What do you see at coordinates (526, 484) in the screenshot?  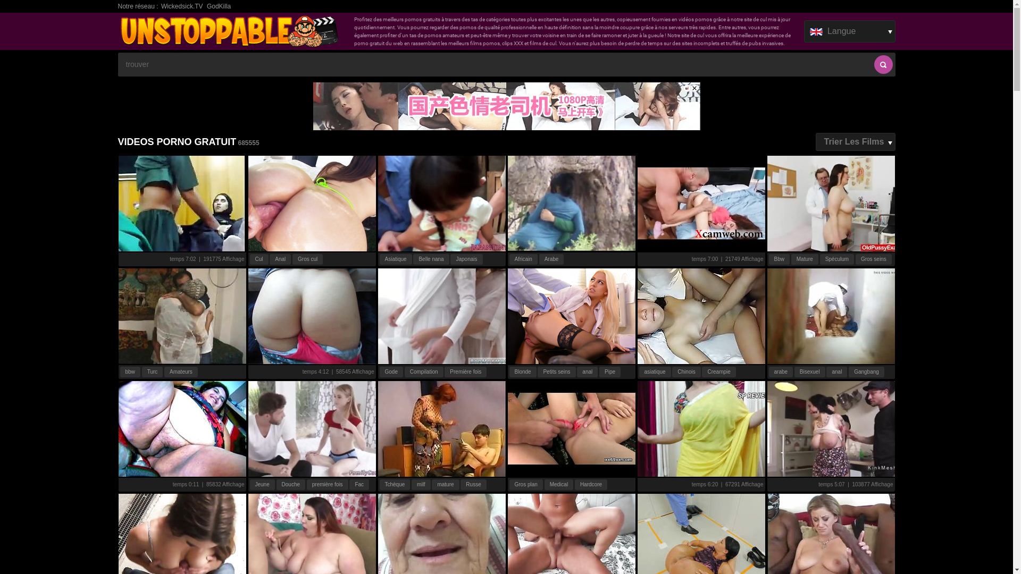 I see `'Gros plan'` at bounding box center [526, 484].